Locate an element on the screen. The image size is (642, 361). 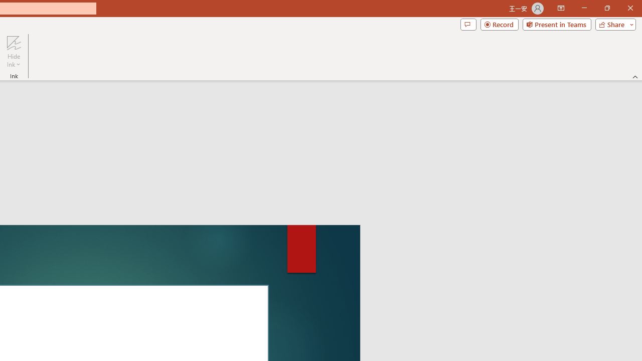
'Present in Teams' is located at coordinates (556, 24).